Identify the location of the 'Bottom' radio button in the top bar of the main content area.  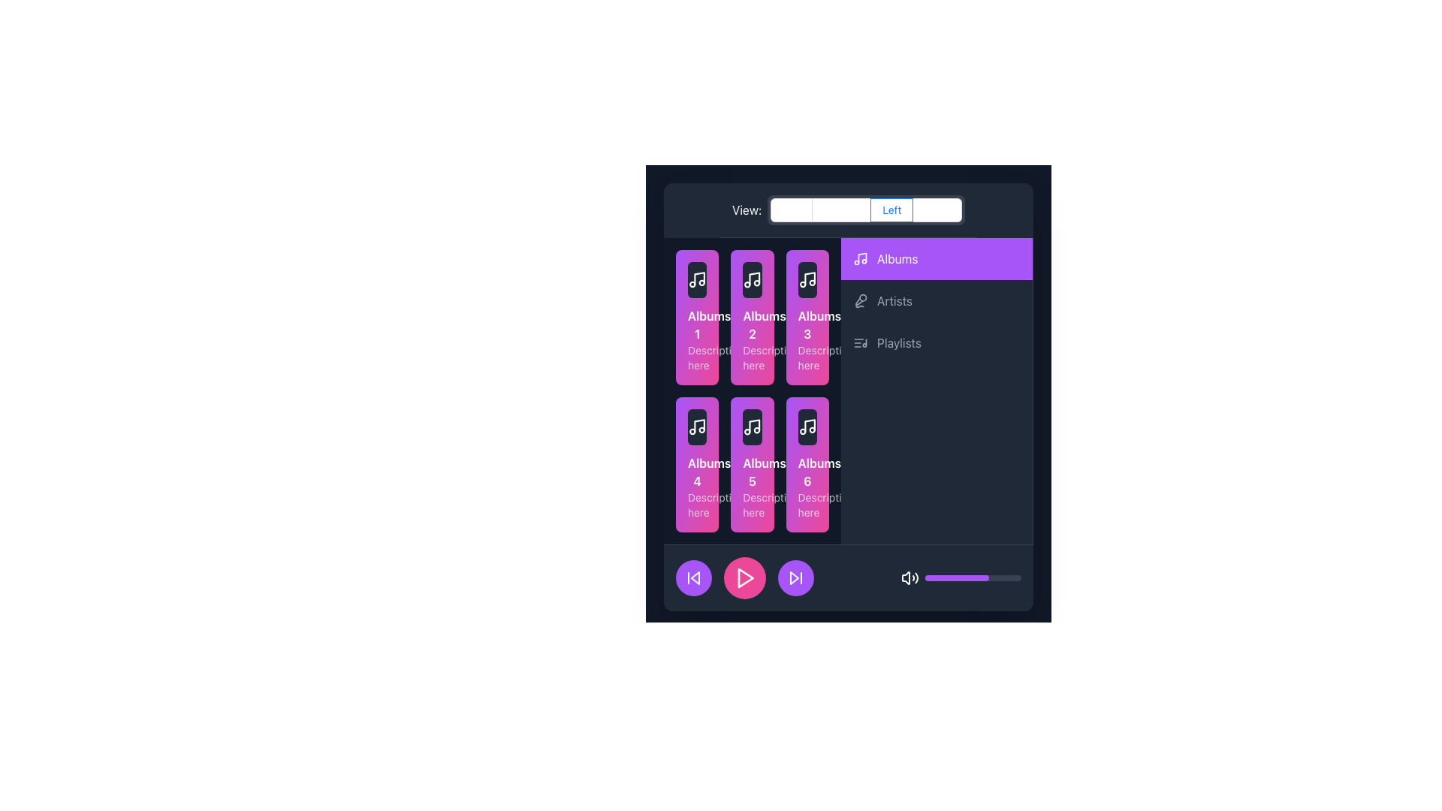
(842, 210).